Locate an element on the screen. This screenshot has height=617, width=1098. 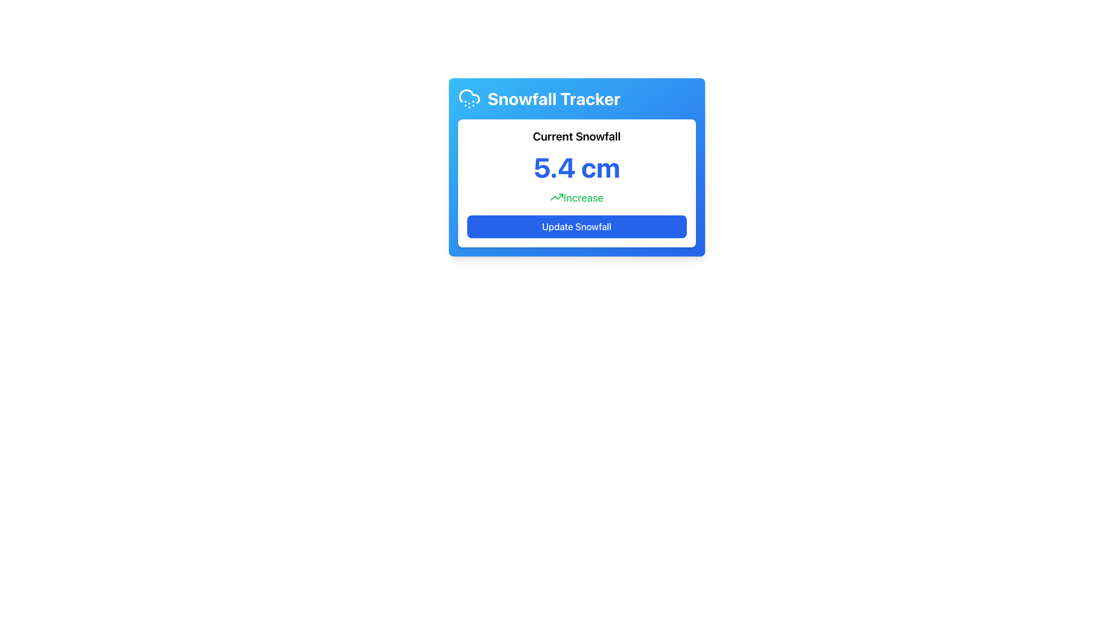
the green zig-zag arrow SVG element indicating growth, located in the 'Snowfall Tracker' card adjacent to the 'Increase' text is located at coordinates (556, 196).